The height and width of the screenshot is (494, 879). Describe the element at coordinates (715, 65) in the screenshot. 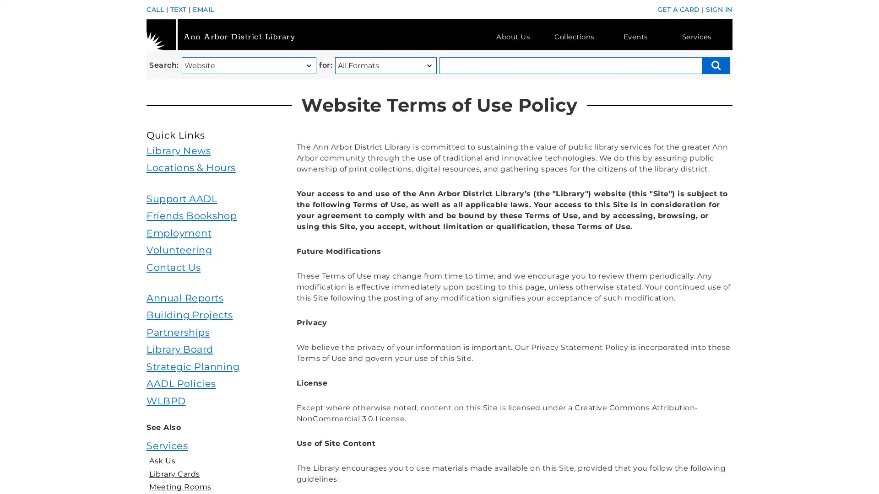

I see `Search submit` at that location.